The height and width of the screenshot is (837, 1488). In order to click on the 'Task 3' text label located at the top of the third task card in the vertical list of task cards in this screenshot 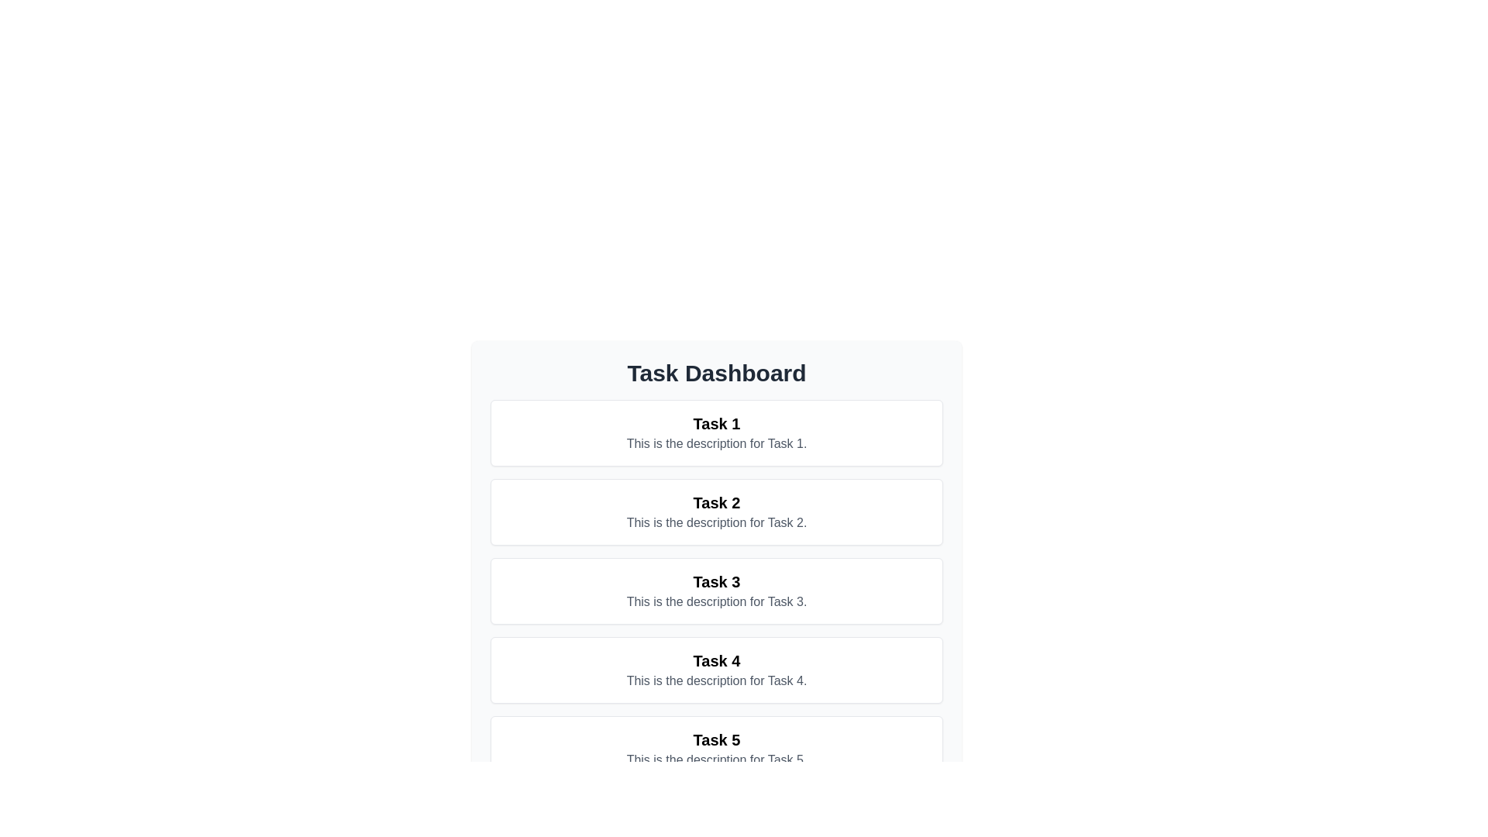, I will do `click(716, 582)`.